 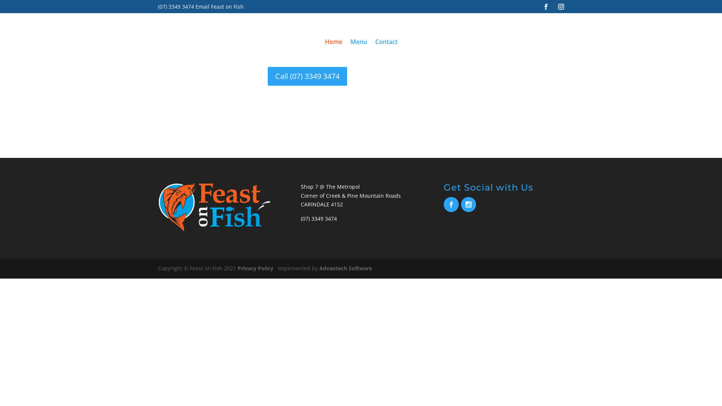 What do you see at coordinates (345, 268) in the screenshot?
I see `'Advantech Software'` at bounding box center [345, 268].